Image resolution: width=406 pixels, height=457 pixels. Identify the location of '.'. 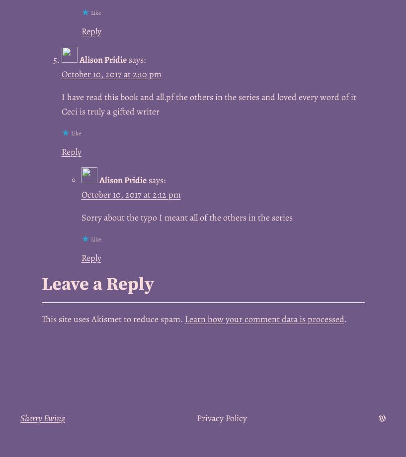
(344, 319).